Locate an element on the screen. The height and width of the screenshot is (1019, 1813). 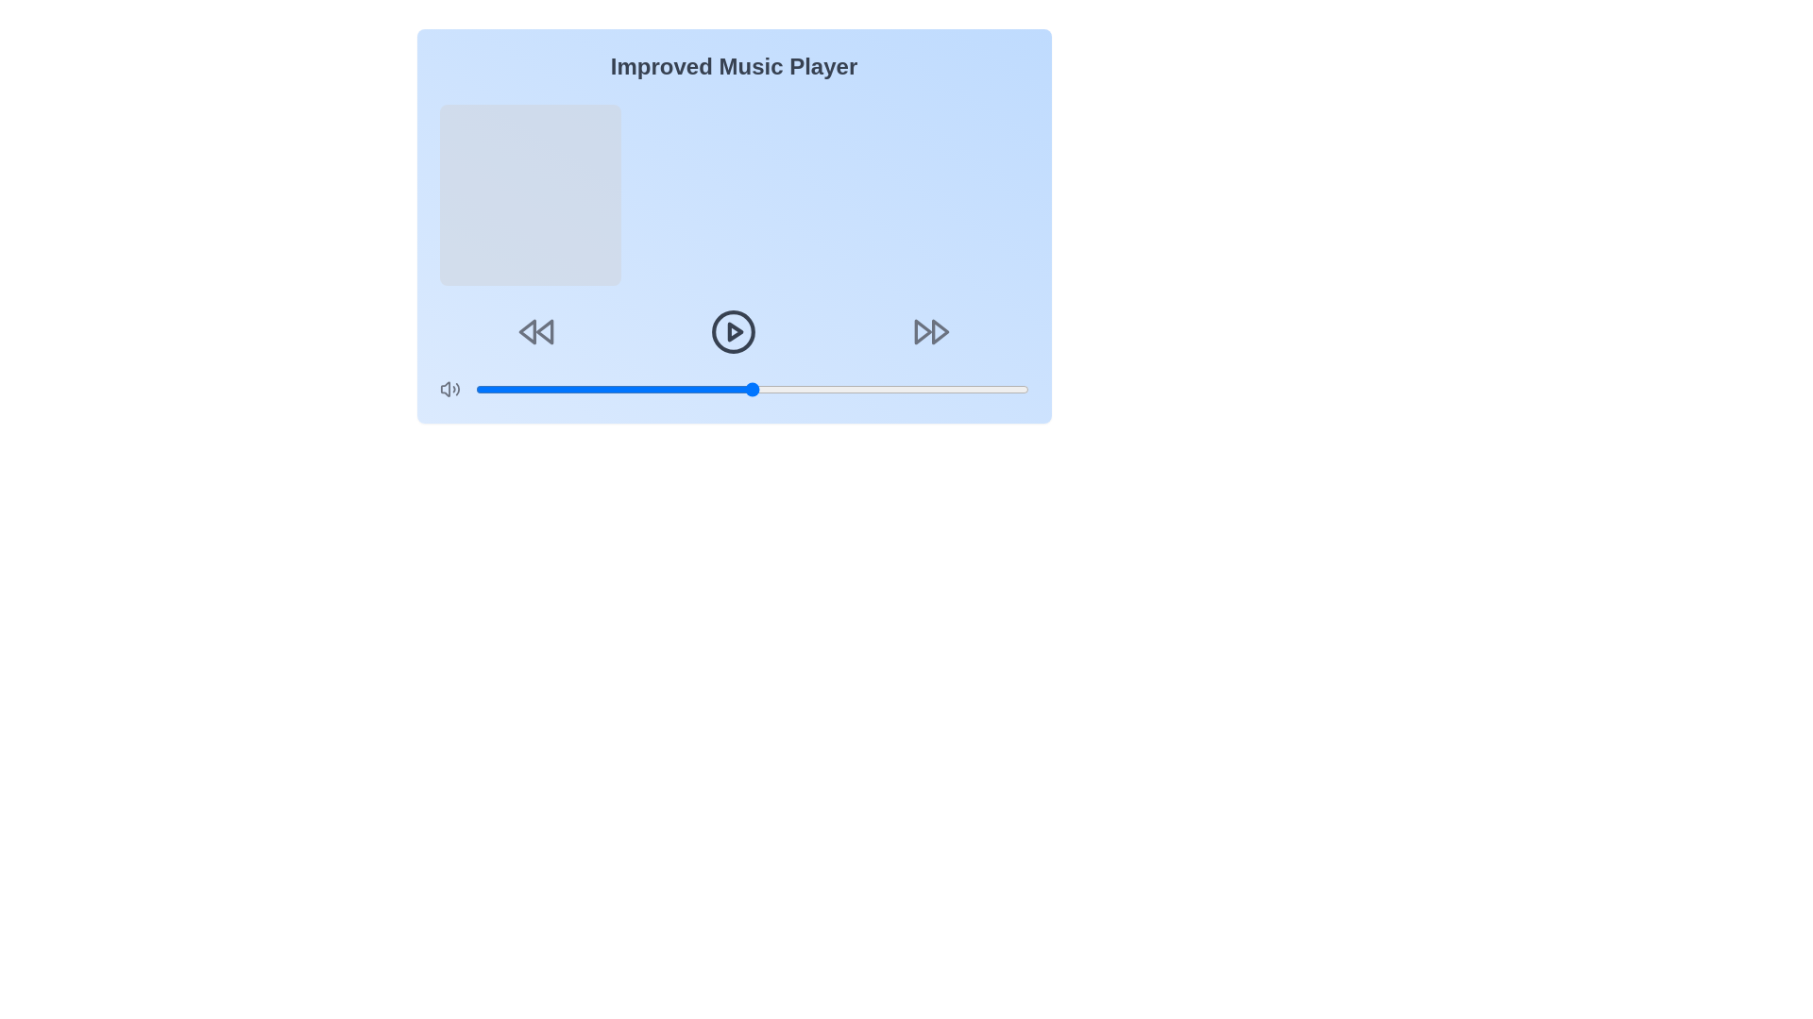
the volume is located at coordinates (956, 388).